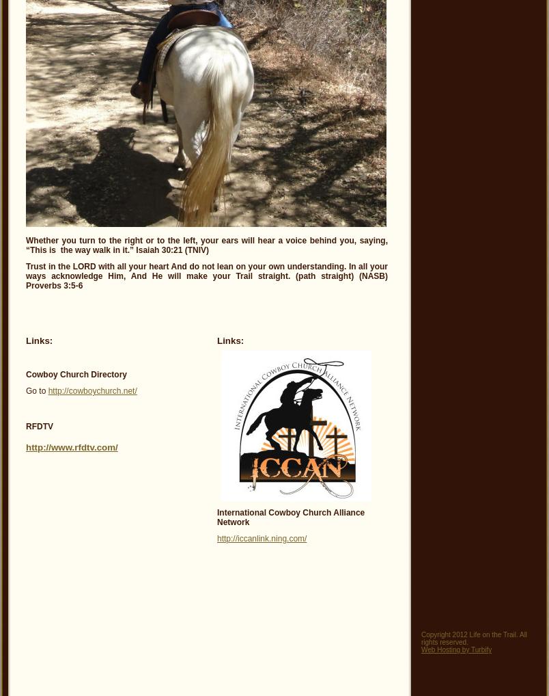 This screenshot has width=549, height=696. I want to click on 'International Cowboy Church Alliance Network', so click(216, 516).